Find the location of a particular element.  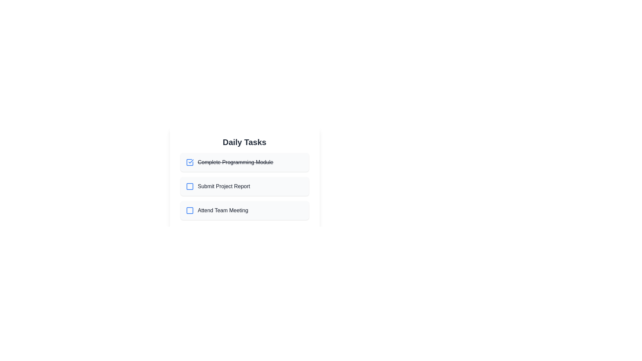

the checkmark icon with a blue outline, which is part of the task indicator for 'Complete Programming Module' is located at coordinates (189, 162).